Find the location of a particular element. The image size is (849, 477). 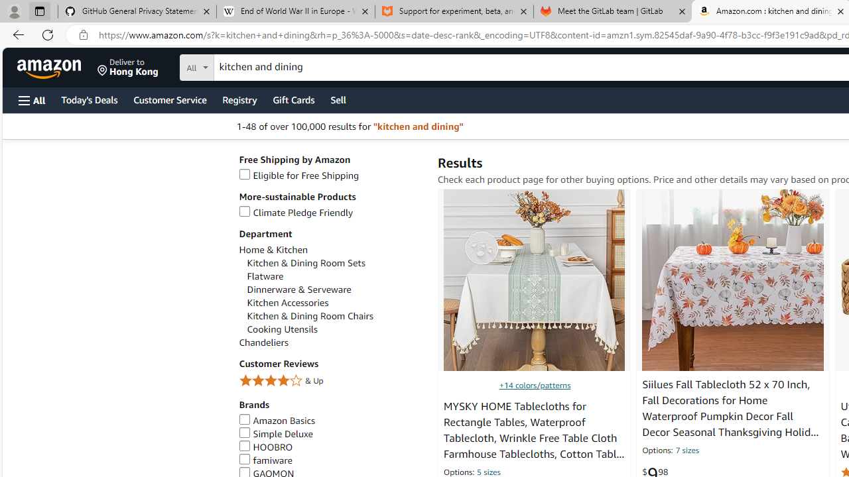

'7 sizes' is located at coordinates (687, 450).